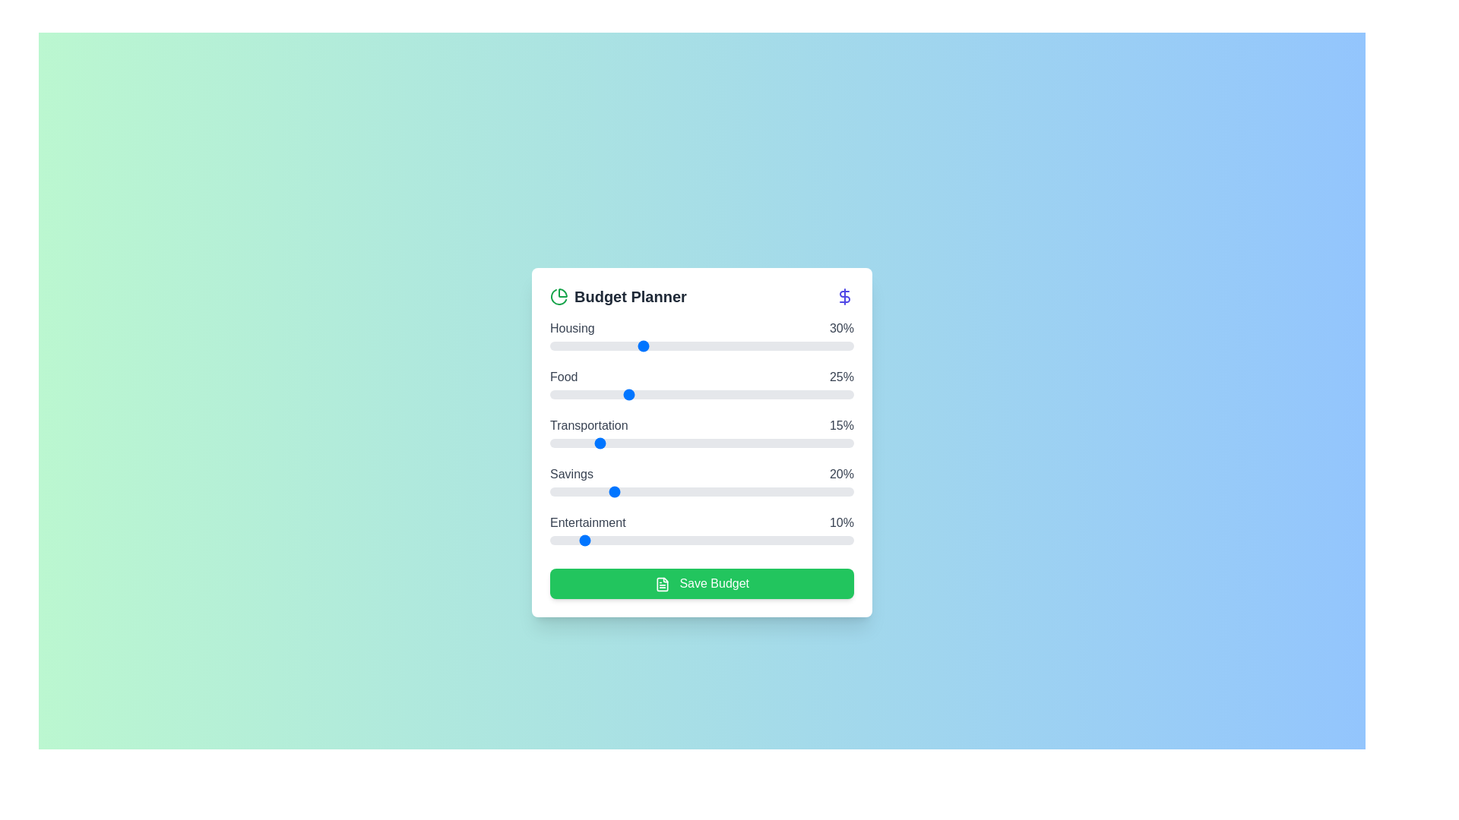 The width and height of the screenshot is (1459, 820). Describe the element at coordinates (663, 443) in the screenshot. I see `the 'Transportation' slider to 37%` at that location.